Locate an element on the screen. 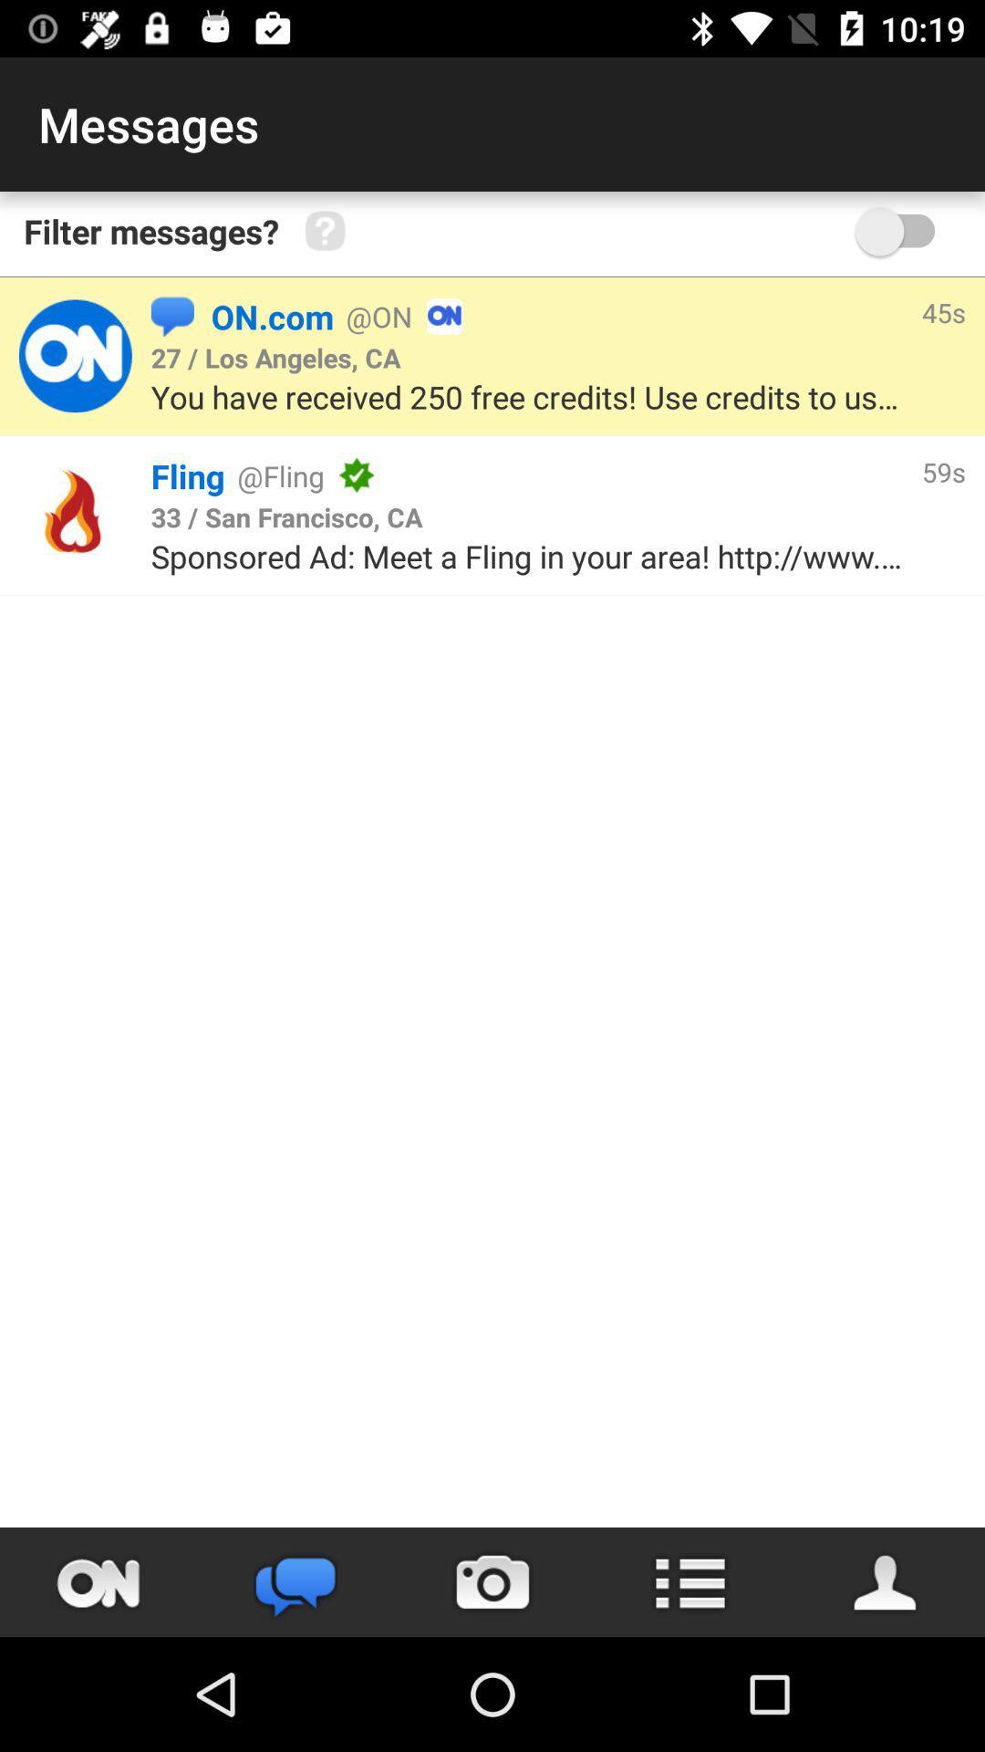  the 45s item is located at coordinates (943, 312).